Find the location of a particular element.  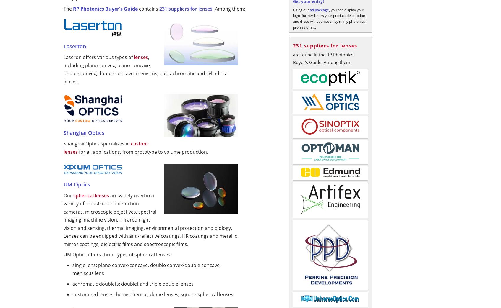

', including plano-convex, plano-concave, double convex, double concave, meniscus, ball, achromatic and cylindrical lenses.' is located at coordinates (63, 69).